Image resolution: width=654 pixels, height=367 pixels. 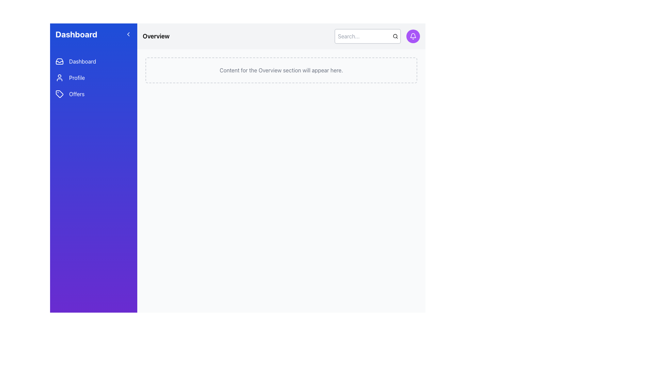 What do you see at coordinates (77, 94) in the screenshot?
I see `the 'Offers' text label in the vertical navigation sidebar` at bounding box center [77, 94].